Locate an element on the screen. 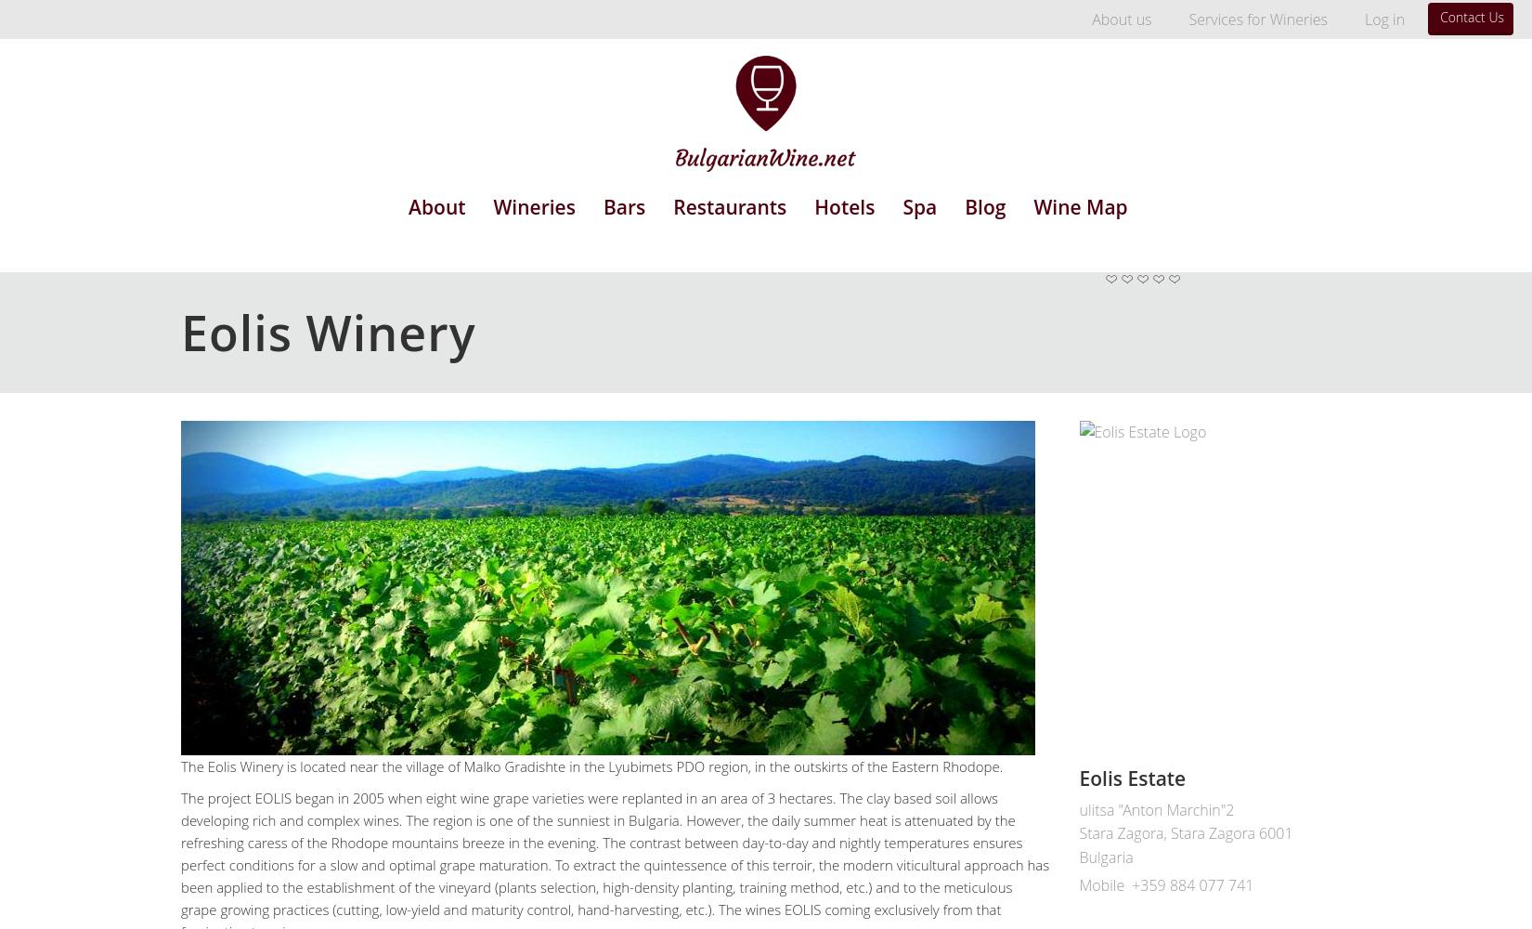  'Services for Wineries' is located at coordinates (1256, 20).